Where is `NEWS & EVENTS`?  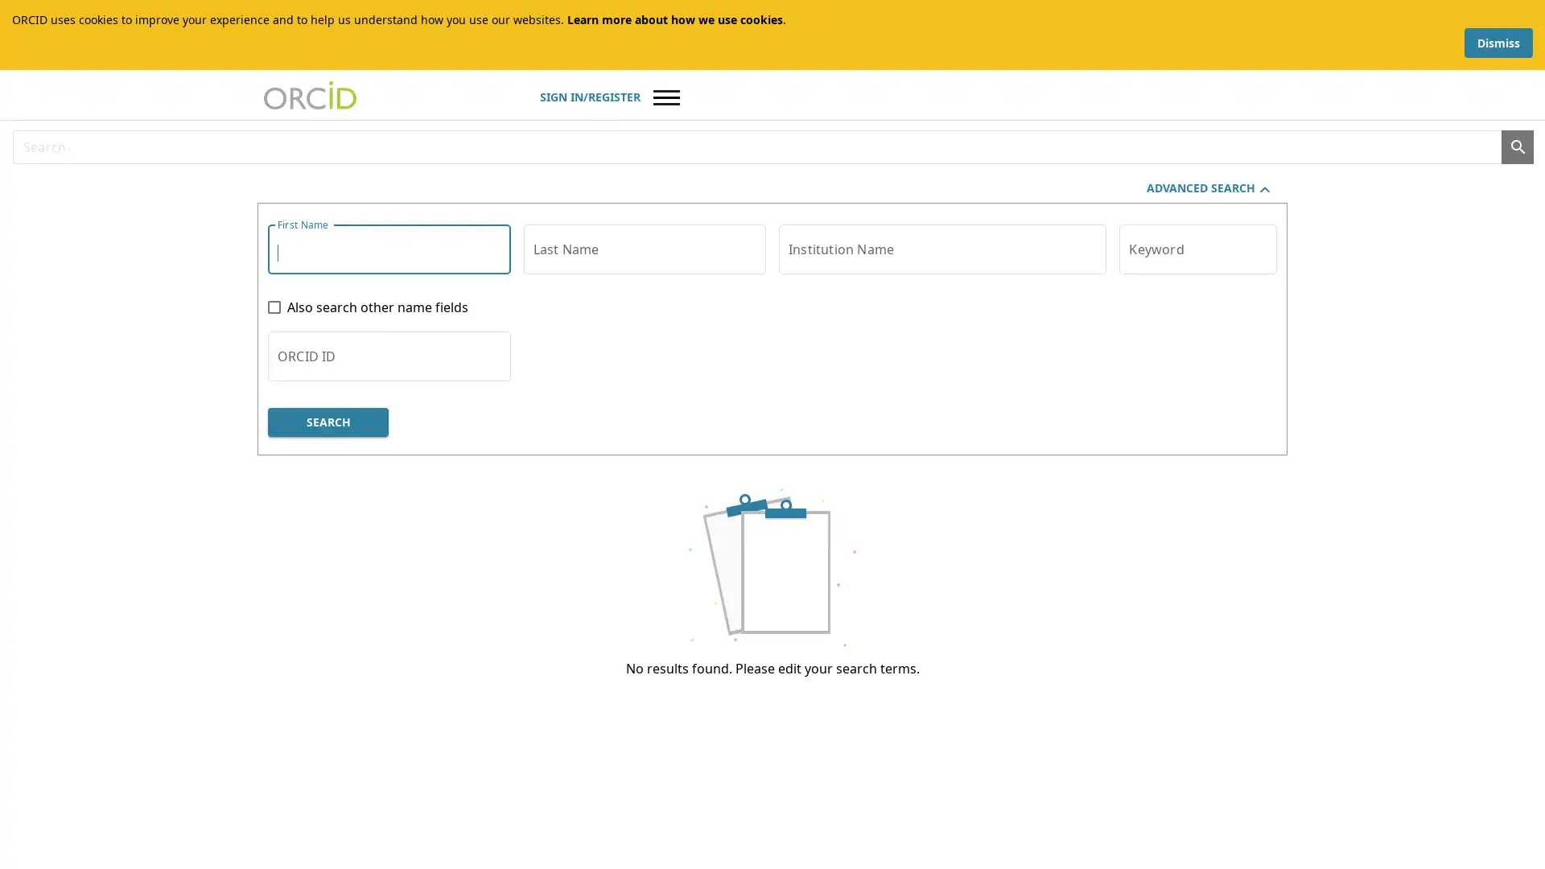
NEWS & EVENTS is located at coordinates (1000, 182).